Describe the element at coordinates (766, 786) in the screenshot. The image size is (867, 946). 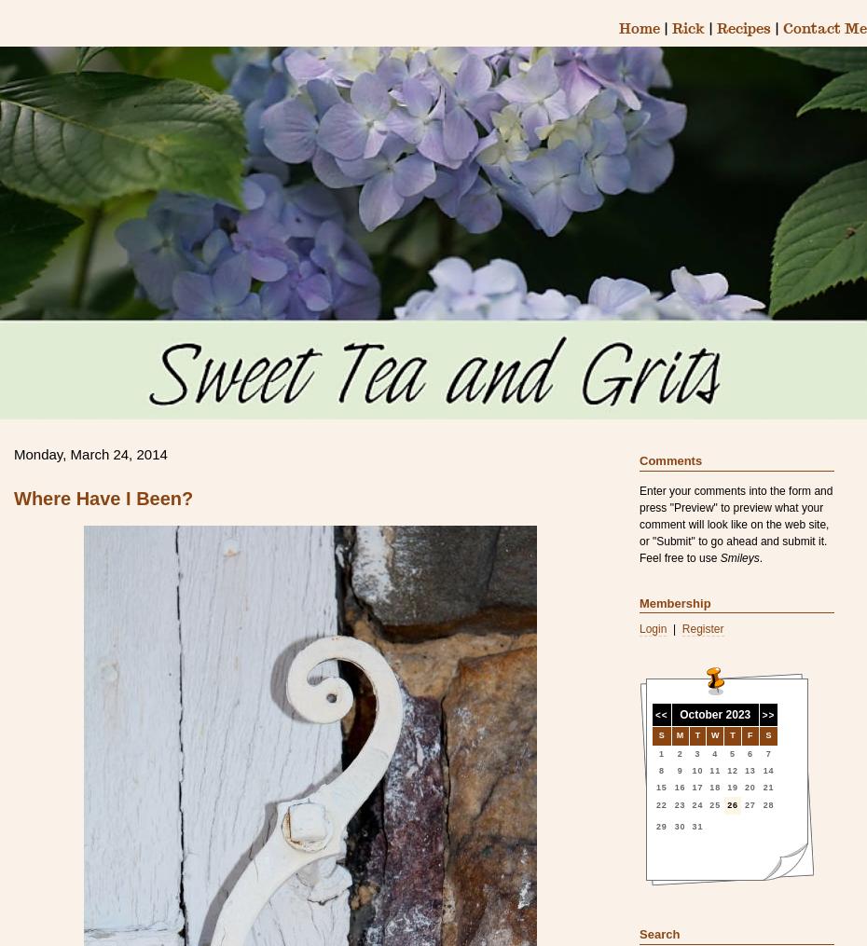
I see `'21'` at that location.